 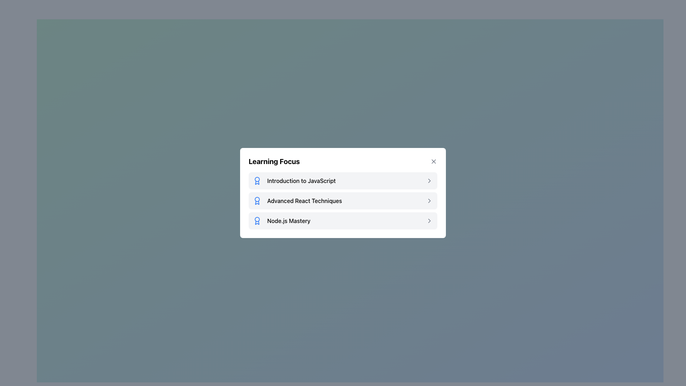 What do you see at coordinates (429, 180) in the screenshot?
I see `the gray chevron-shaped icon pointing right, located at the rightmost part of the first item in the list adjacent to the 'Introduction to JavaScript' text label` at bounding box center [429, 180].